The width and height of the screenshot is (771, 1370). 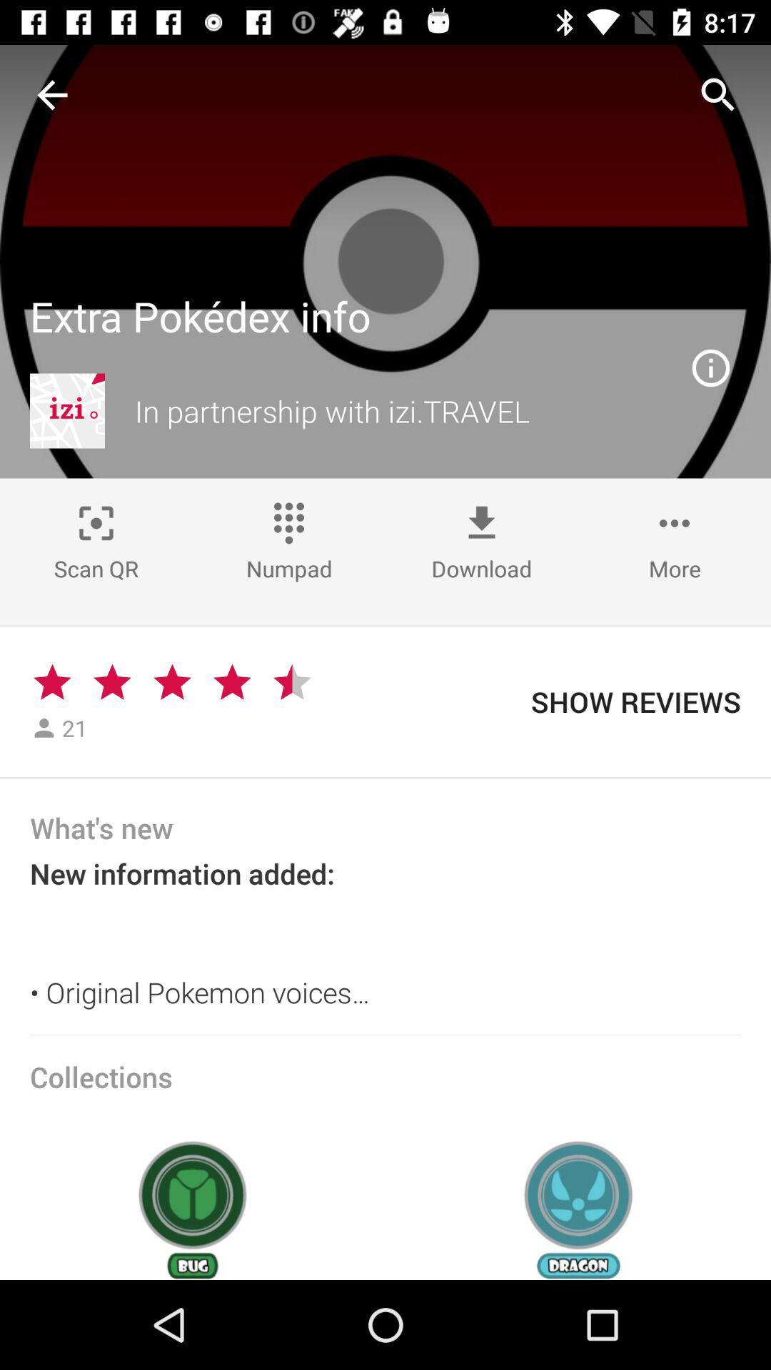 I want to click on 21 icon, so click(x=74, y=728).